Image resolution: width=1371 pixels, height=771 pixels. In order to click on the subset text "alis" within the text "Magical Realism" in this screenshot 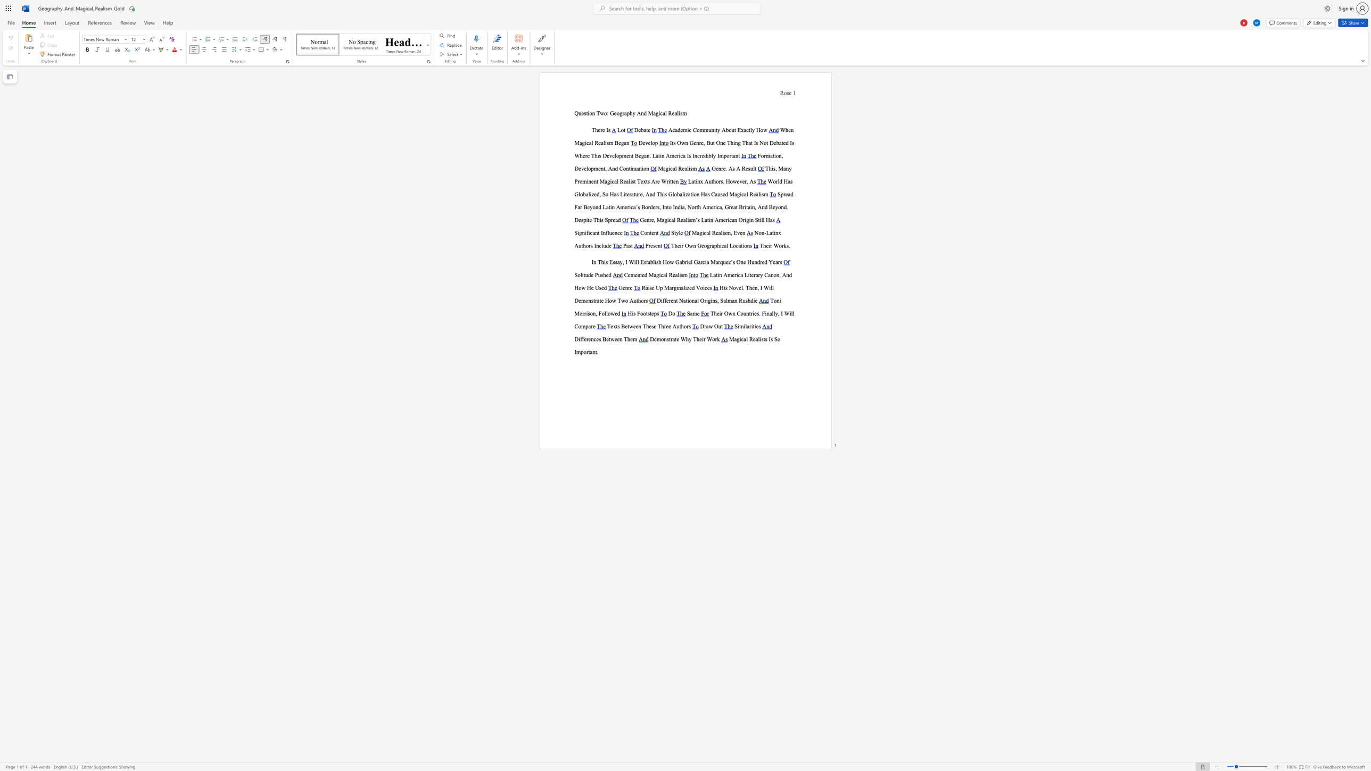, I will do `click(684, 168)`.